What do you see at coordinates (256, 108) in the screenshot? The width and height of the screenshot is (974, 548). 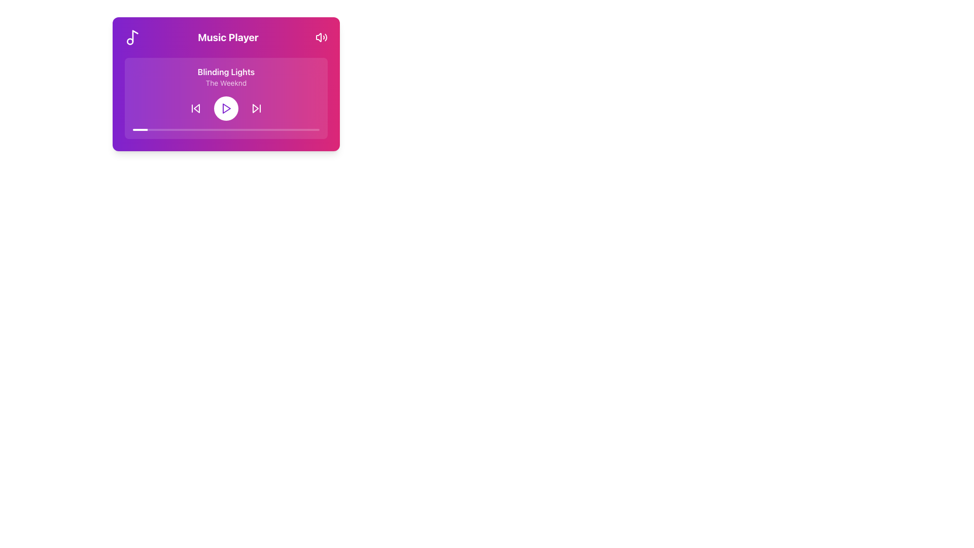 I see `the triangular play-forward icon styled in a gradient pink to purple color scheme, located to the right of the central play button in the interactive toolbar` at bounding box center [256, 108].